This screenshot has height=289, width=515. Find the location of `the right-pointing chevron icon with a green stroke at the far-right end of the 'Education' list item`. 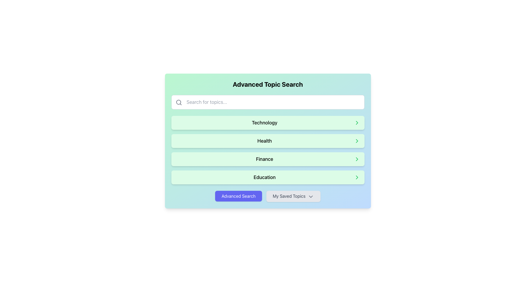

the right-pointing chevron icon with a green stroke at the far-right end of the 'Education' list item is located at coordinates (357, 177).